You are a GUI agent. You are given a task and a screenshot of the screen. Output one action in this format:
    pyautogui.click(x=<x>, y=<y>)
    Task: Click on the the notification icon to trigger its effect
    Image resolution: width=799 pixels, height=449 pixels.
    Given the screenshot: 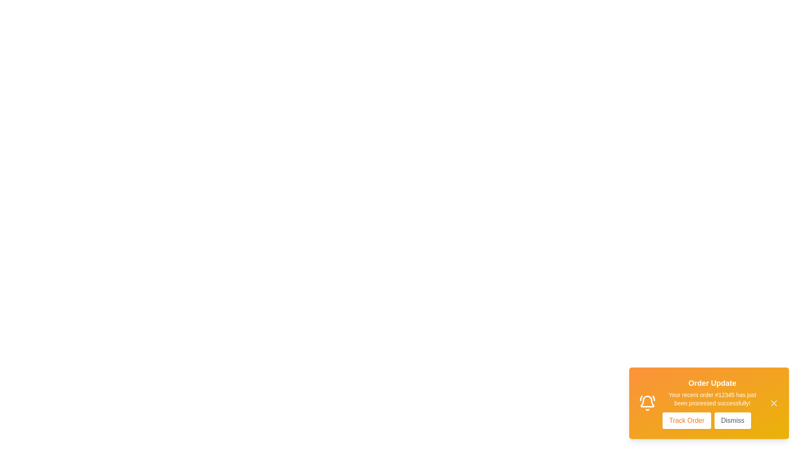 What is the action you would take?
    pyautogui.click(x=647, y=402)
    